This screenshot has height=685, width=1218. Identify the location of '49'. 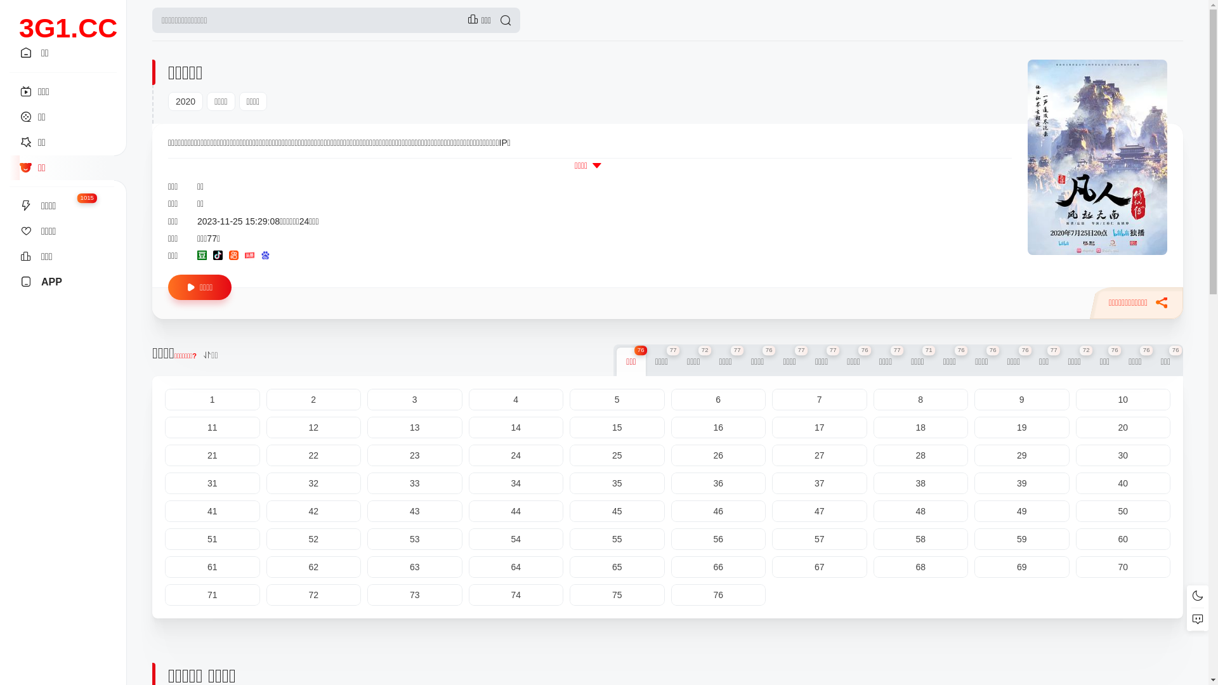
(1022, 511).